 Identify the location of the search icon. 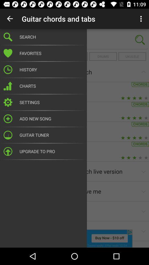
(140, 39).